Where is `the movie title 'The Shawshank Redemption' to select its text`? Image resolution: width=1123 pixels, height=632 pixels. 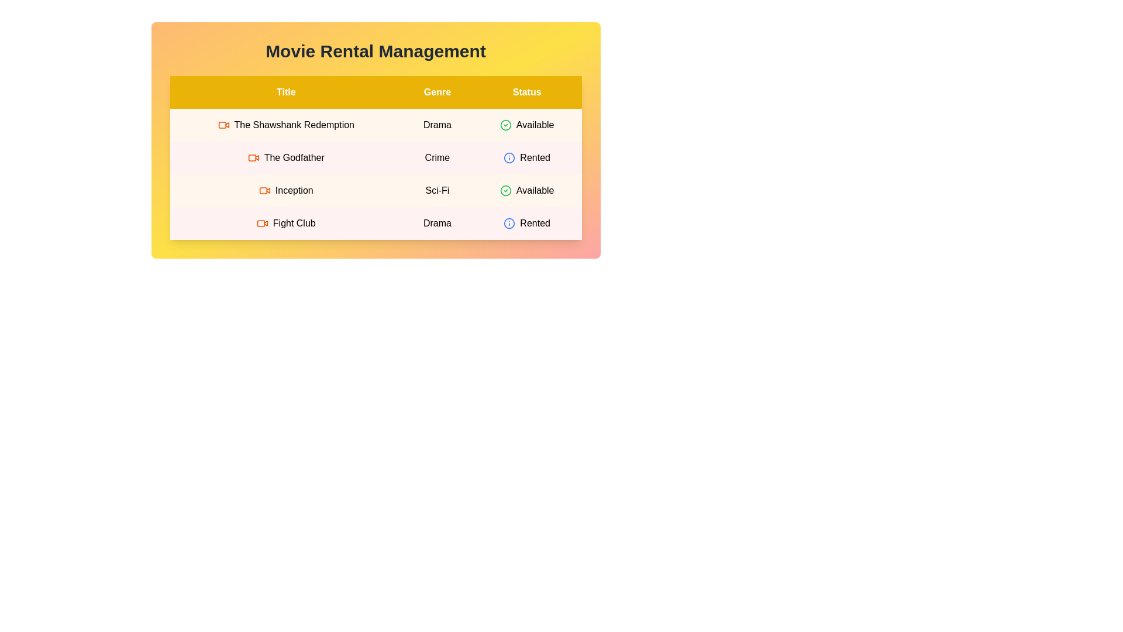
the movie title 'The Shawshank Redemption' to select its text is located at coordinates (286, 125).